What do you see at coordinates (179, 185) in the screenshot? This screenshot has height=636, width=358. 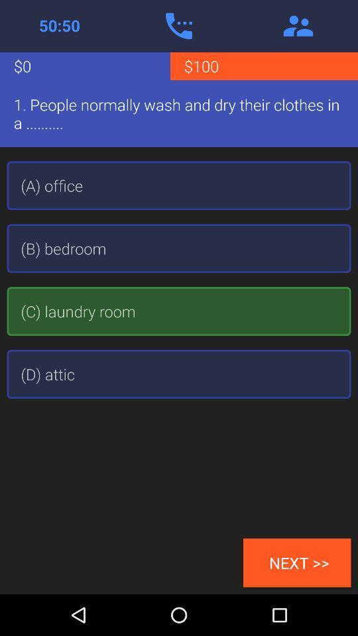 I see `(a) office icon` at bounding box center [179, 185].